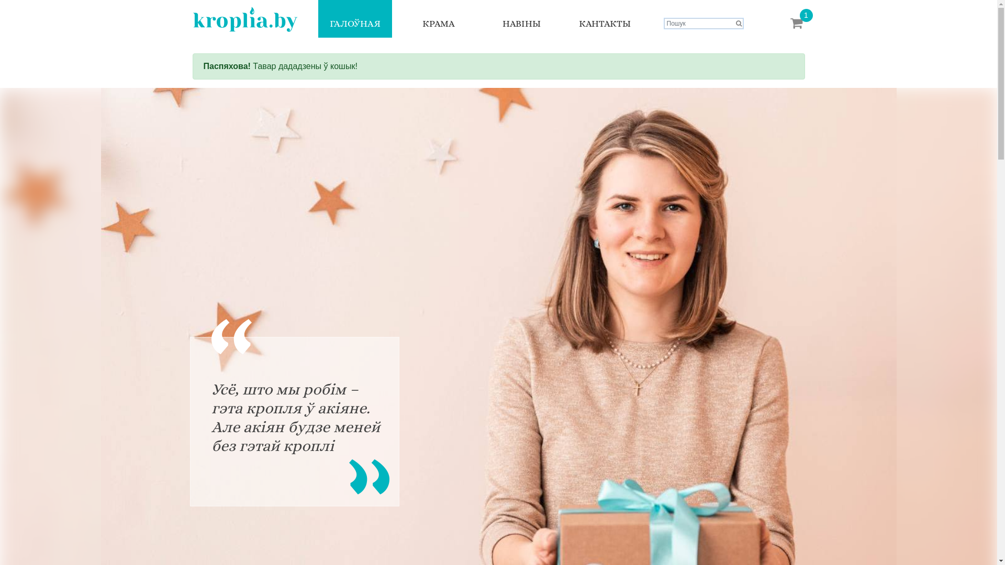 The width and height of the screenshot is (1005, 565). I want to click on '1', so click(796, 22).